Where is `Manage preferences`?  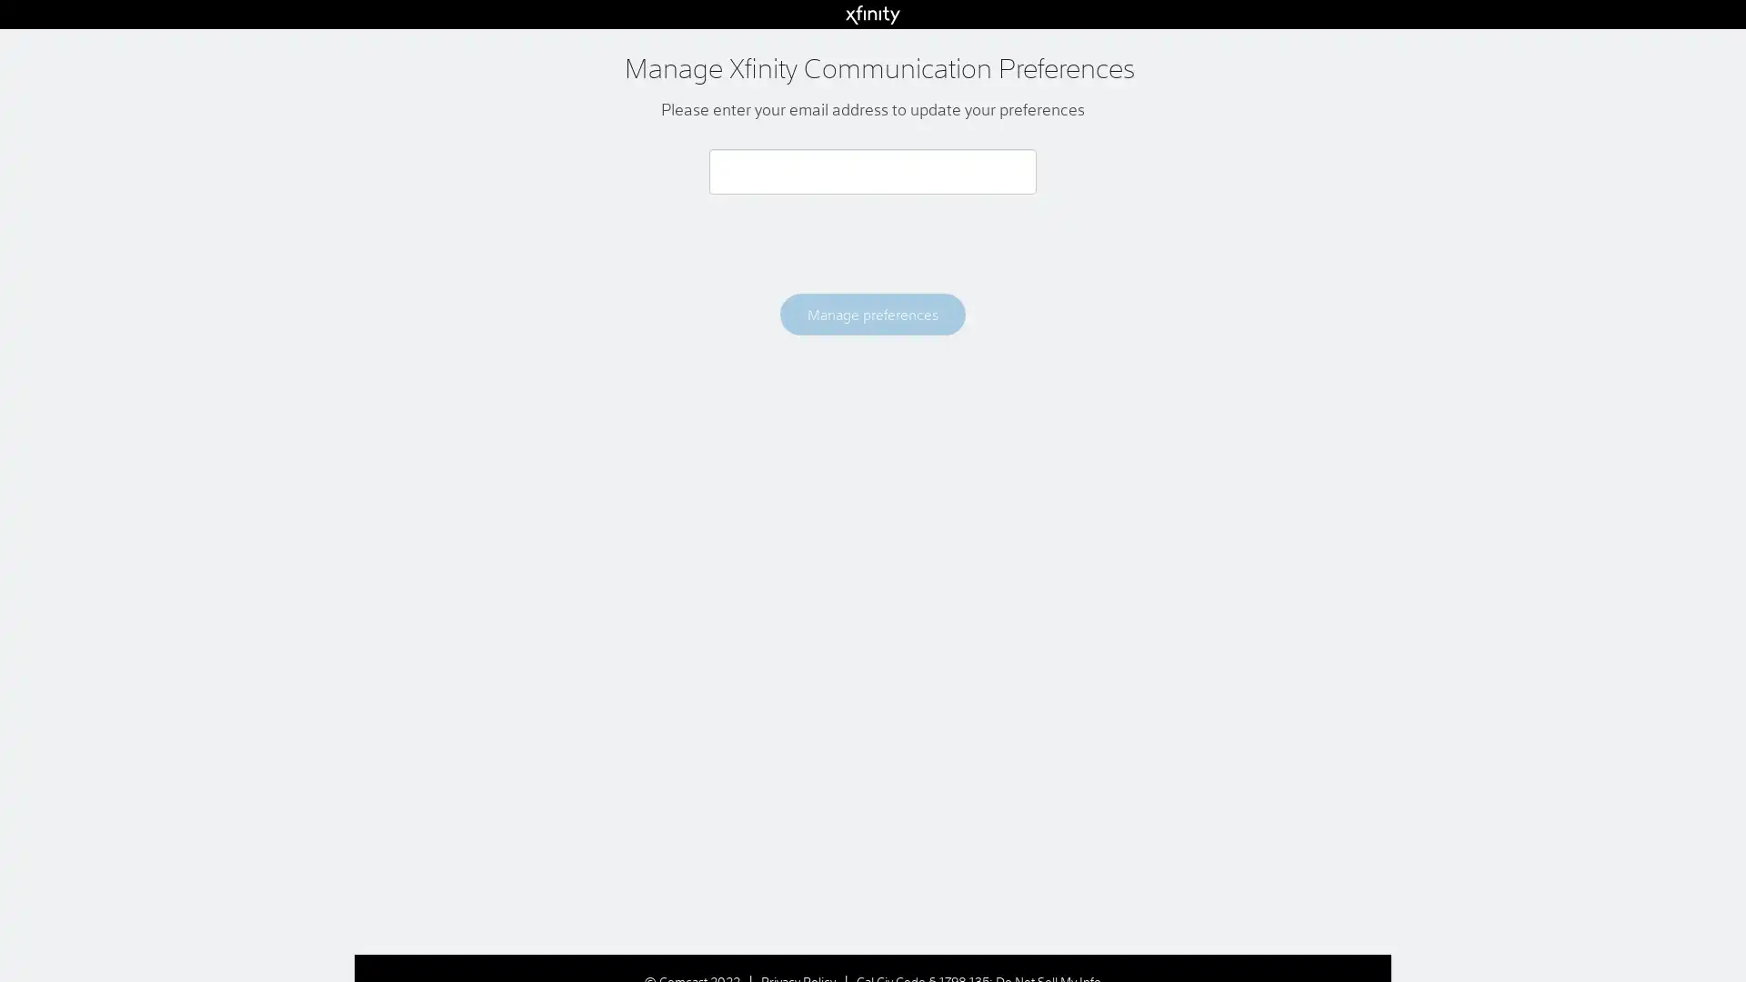
Manage preferences is located at coordinates (871, 313).